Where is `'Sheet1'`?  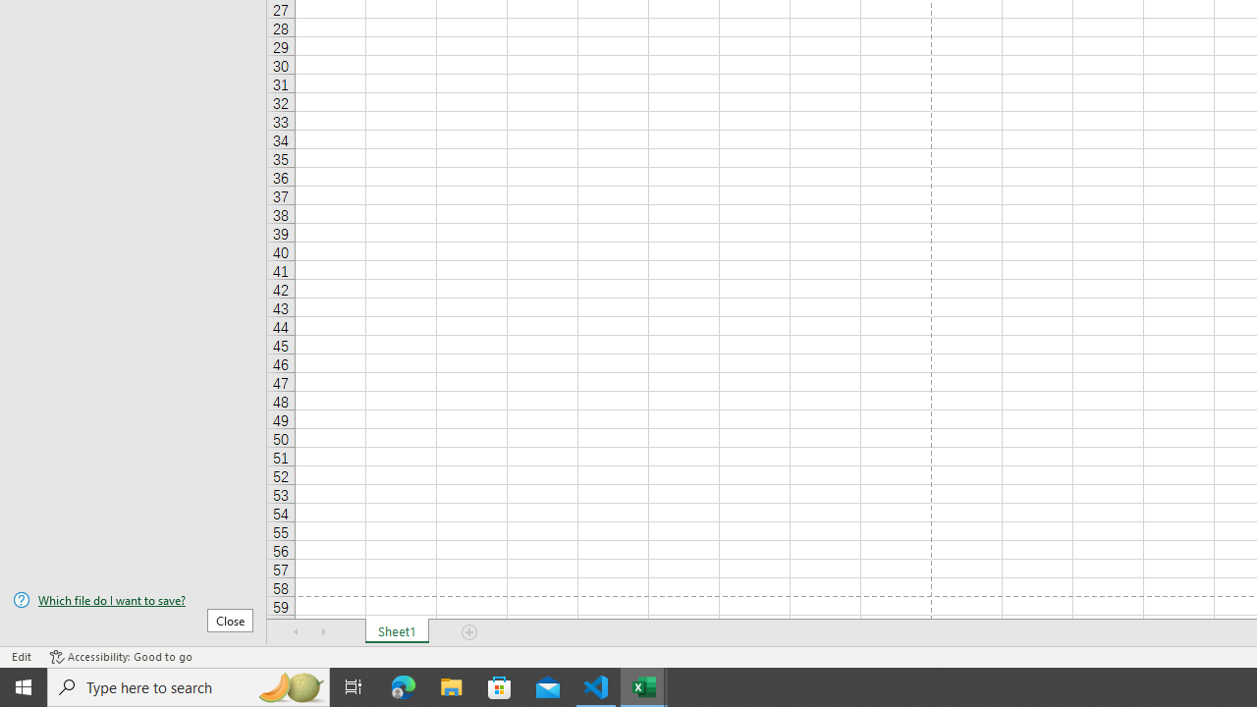
'Sheet1' is located at coordinates (396, 632).